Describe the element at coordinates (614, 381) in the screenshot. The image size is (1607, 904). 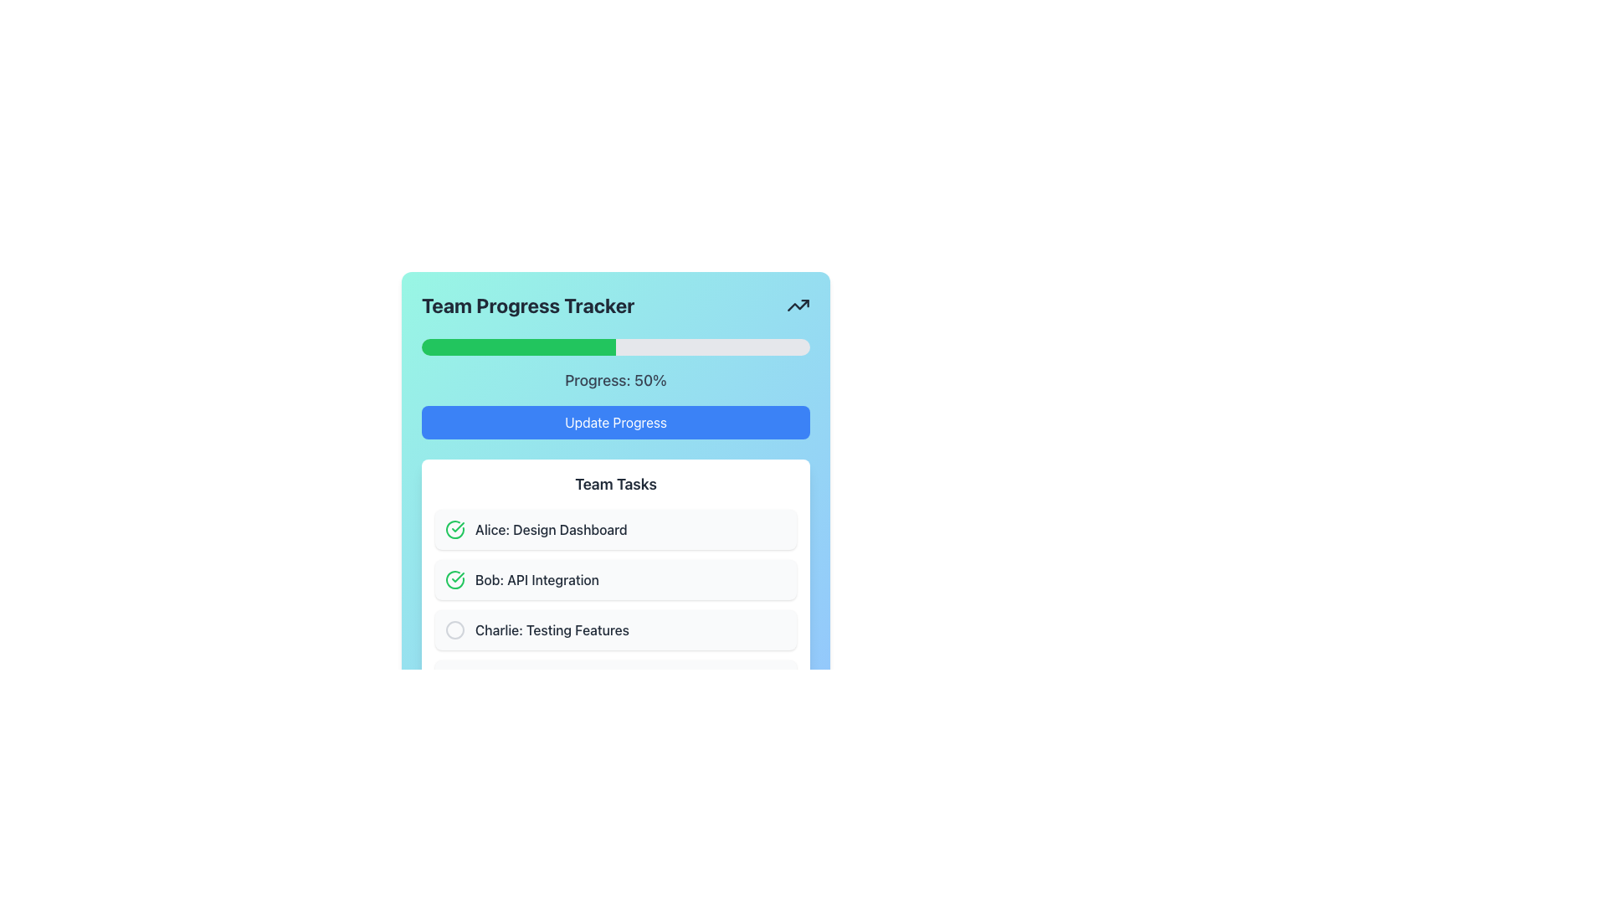
I see `the text label displaying 'Progress: 50%' in the 'Team Progress Tracker' section, which is styled with a medium-large font and centered alignment` at that location.